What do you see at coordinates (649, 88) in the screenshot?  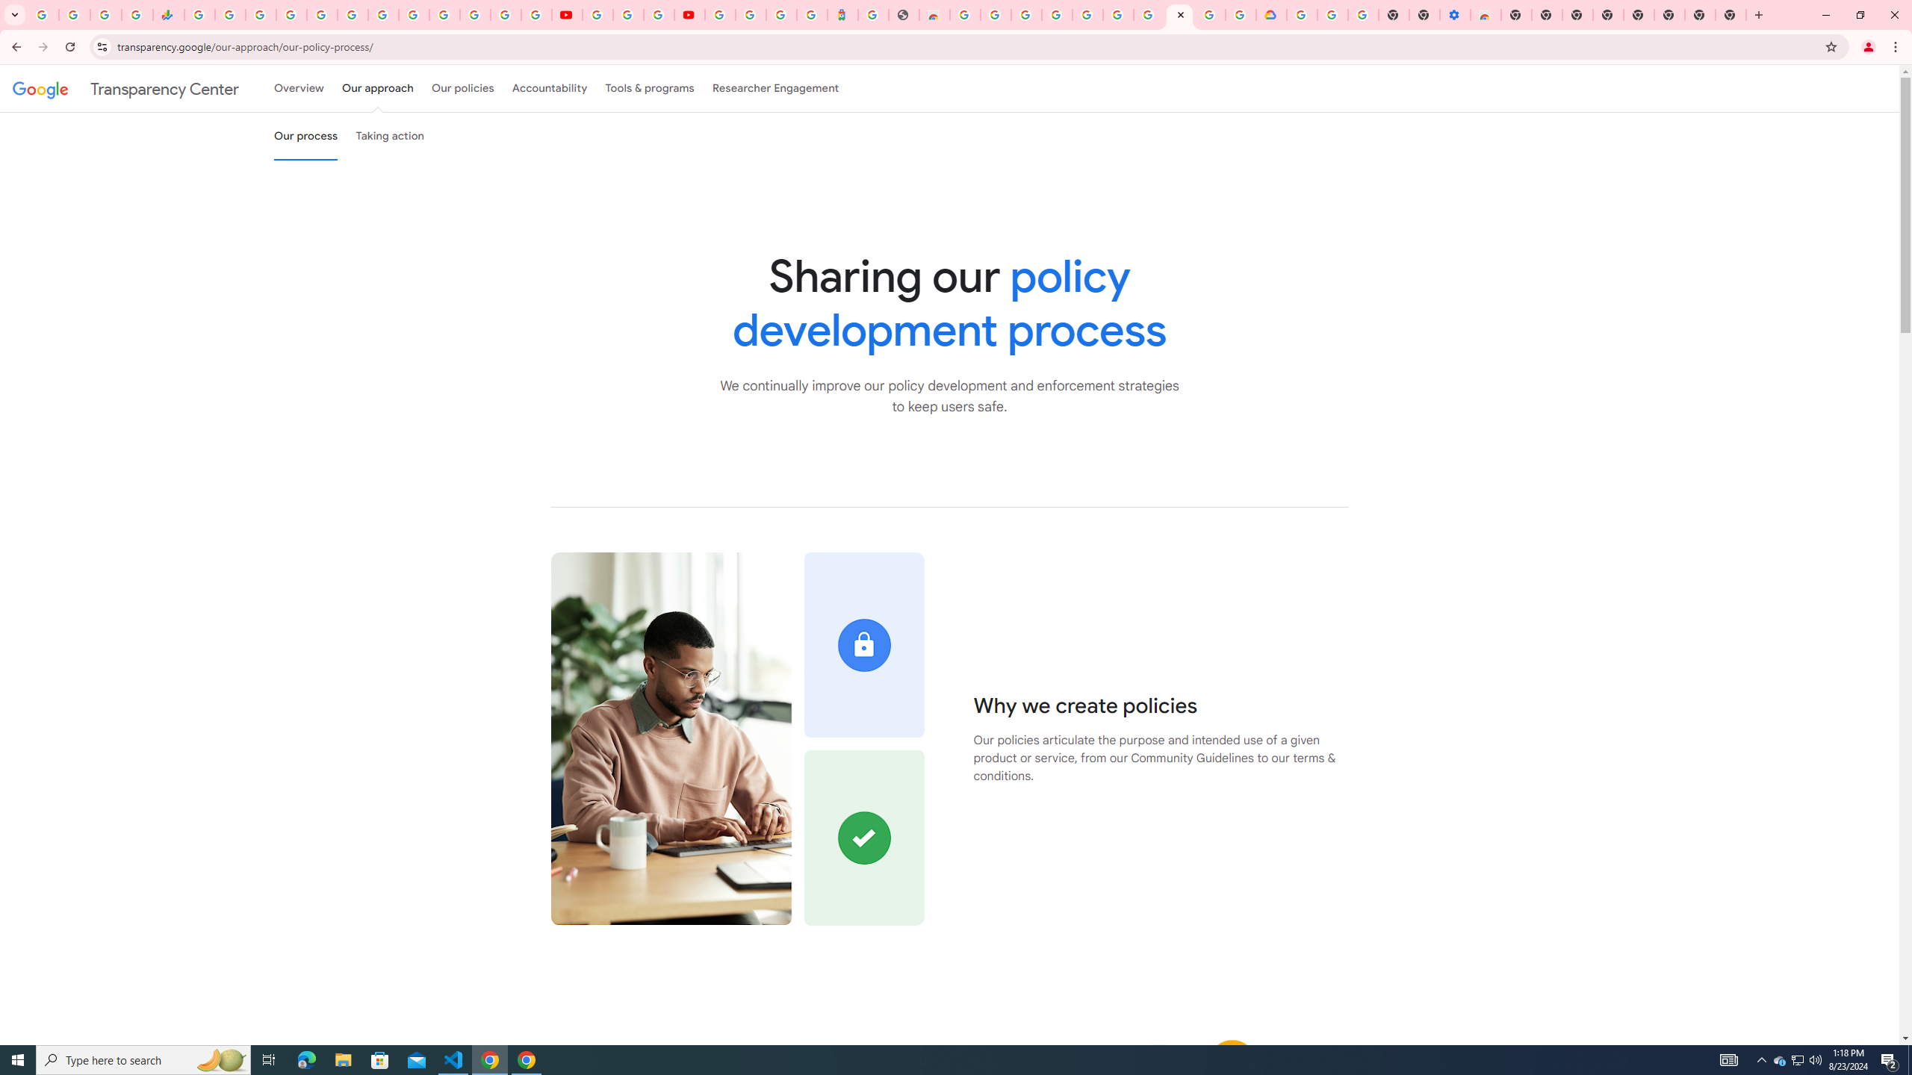 I see `'Tools & programs'` at bounding box center [649, 88].